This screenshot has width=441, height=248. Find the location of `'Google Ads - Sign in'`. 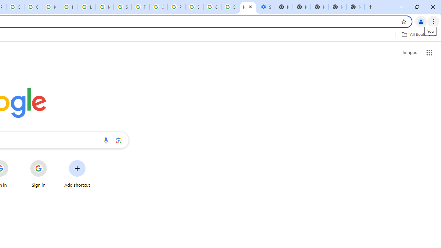

'Google Ads - Sign in' is located at coordinates (158, 7).